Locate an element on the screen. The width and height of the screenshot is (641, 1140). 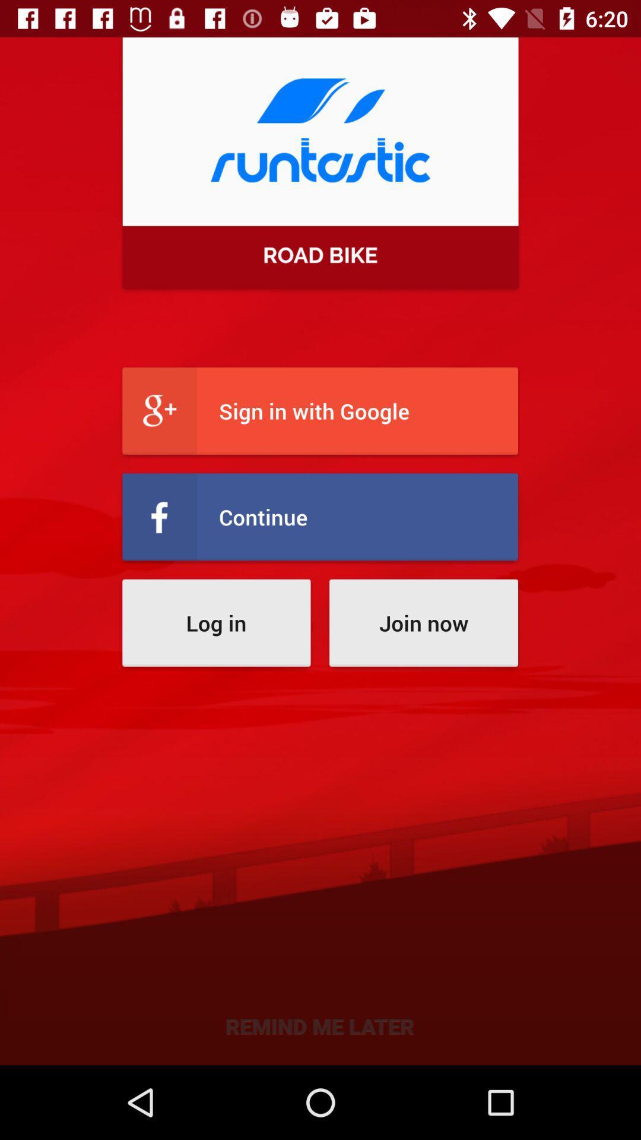
the continue item is located at coordinates (319, 517).